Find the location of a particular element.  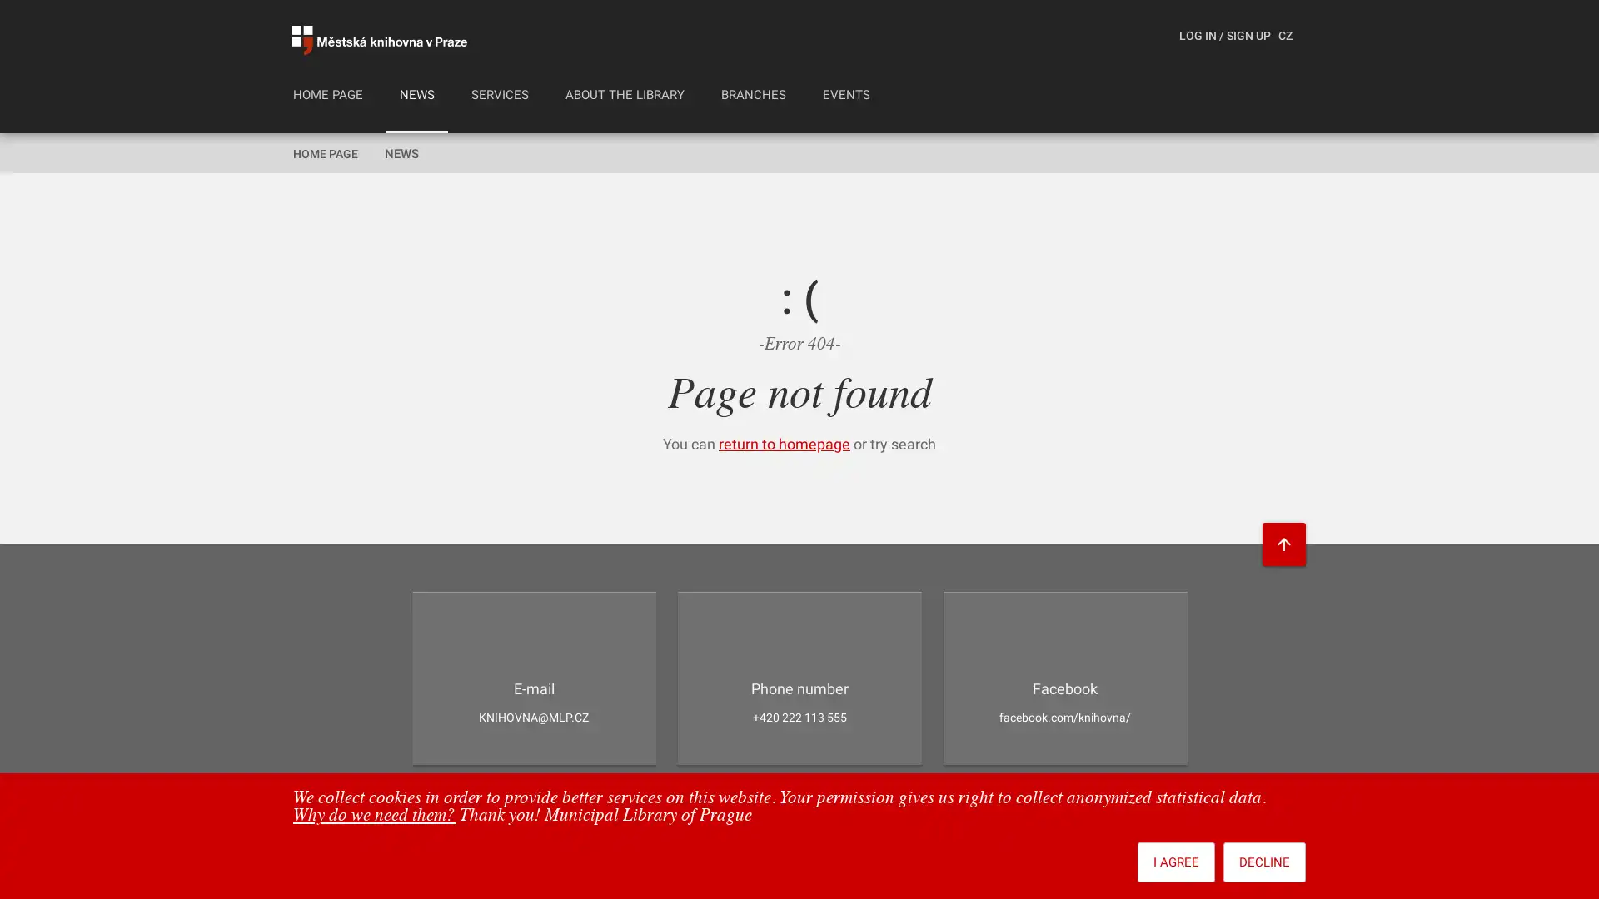

I AGREE is located at coordinates (1174, 862).